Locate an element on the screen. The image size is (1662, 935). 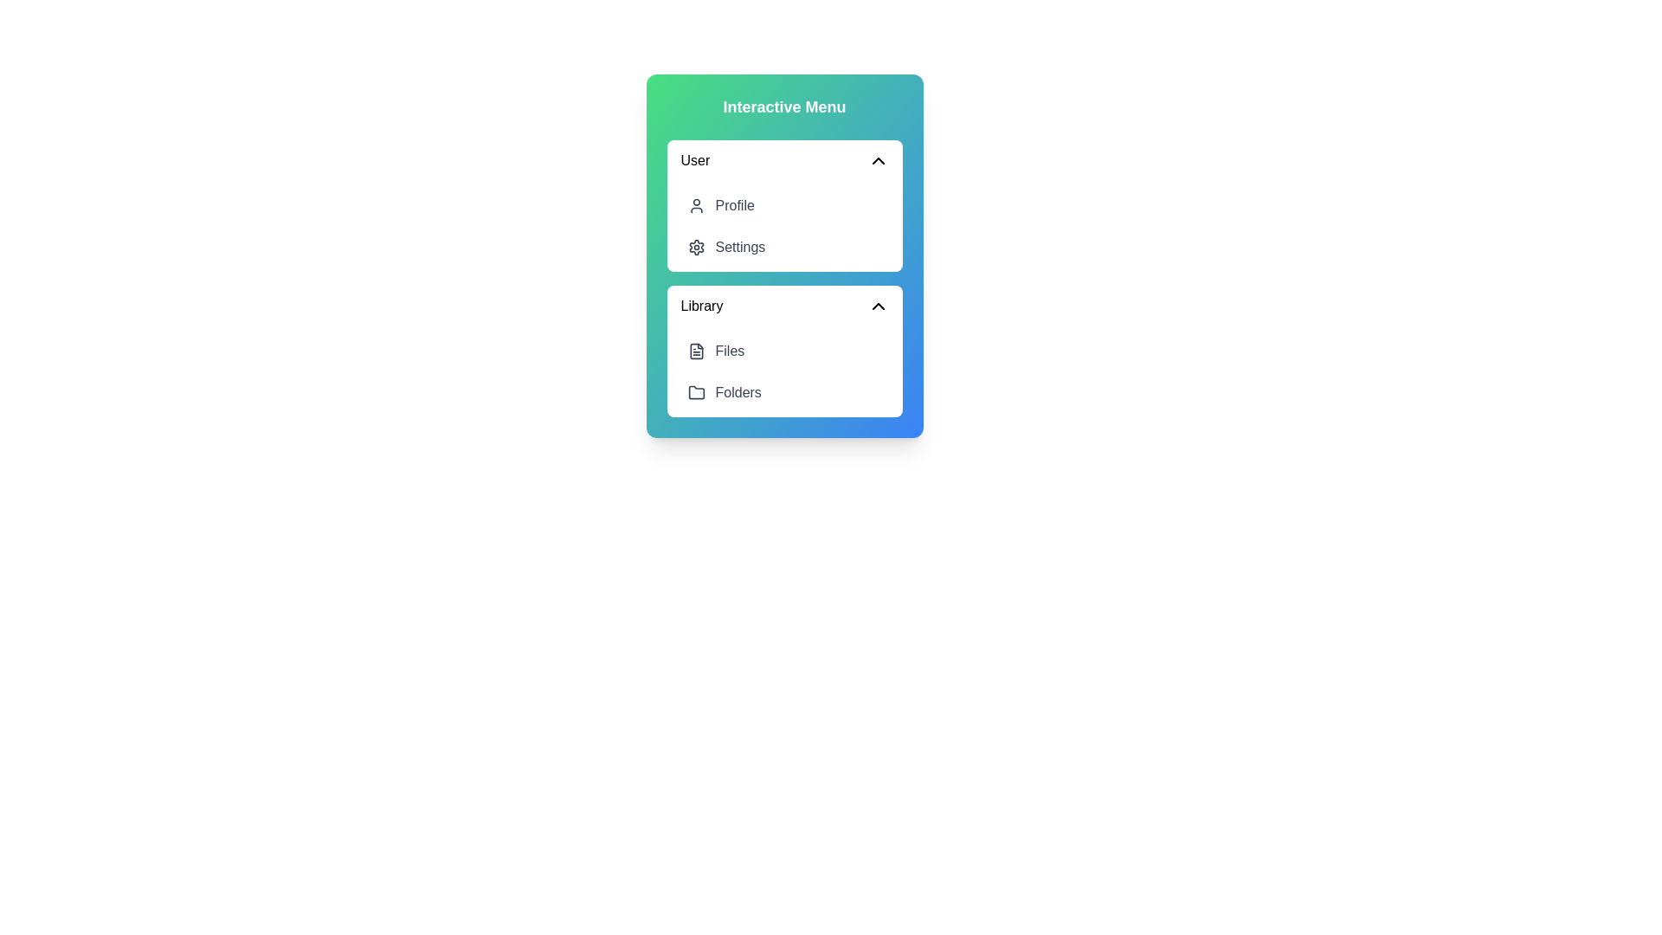
the menu item Settings to observe its hover style is located at coordinates (783, 247).